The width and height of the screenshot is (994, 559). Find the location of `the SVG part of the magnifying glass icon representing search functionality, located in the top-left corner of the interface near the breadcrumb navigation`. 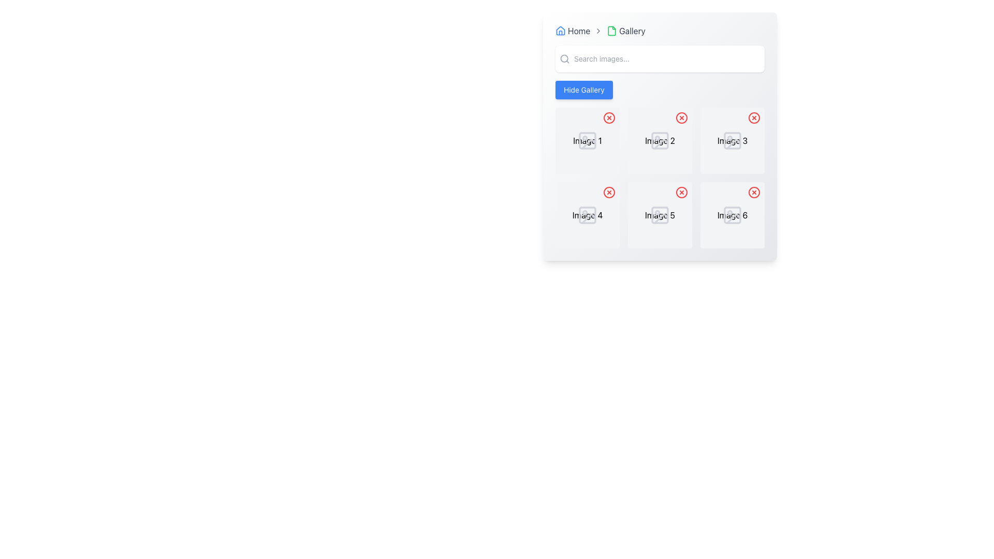

the SVG part of the magnifying glass icon representing search functionality, located in the top-left corner of the interface near the breadcrumb navigation is located at coordinates (564, 58).